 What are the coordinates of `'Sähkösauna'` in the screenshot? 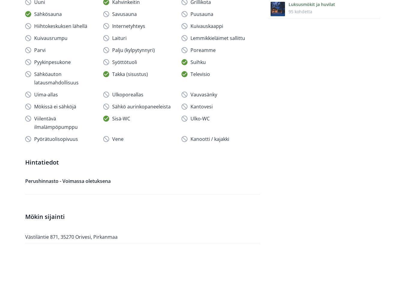 It's located at (48, 13).